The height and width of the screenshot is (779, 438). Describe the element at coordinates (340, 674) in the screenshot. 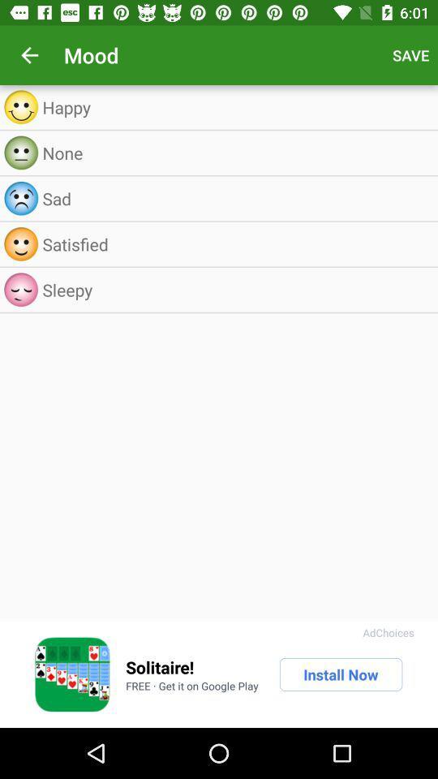

I see `the item to the right of the free get it` at that location.